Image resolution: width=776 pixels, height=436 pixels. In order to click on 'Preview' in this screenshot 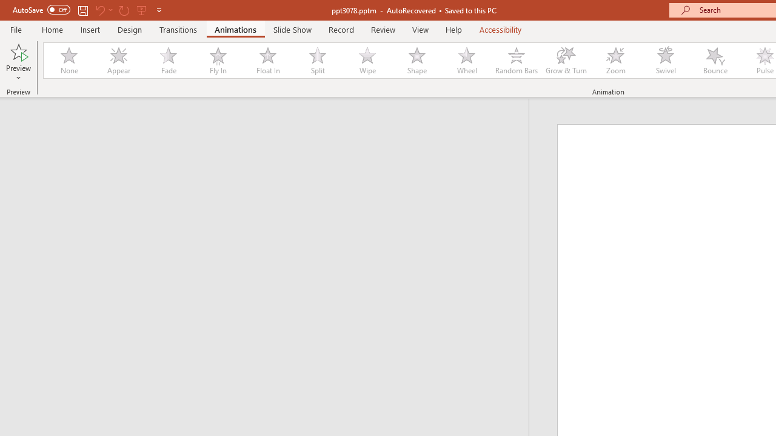, I will do `click(18, 51)`.